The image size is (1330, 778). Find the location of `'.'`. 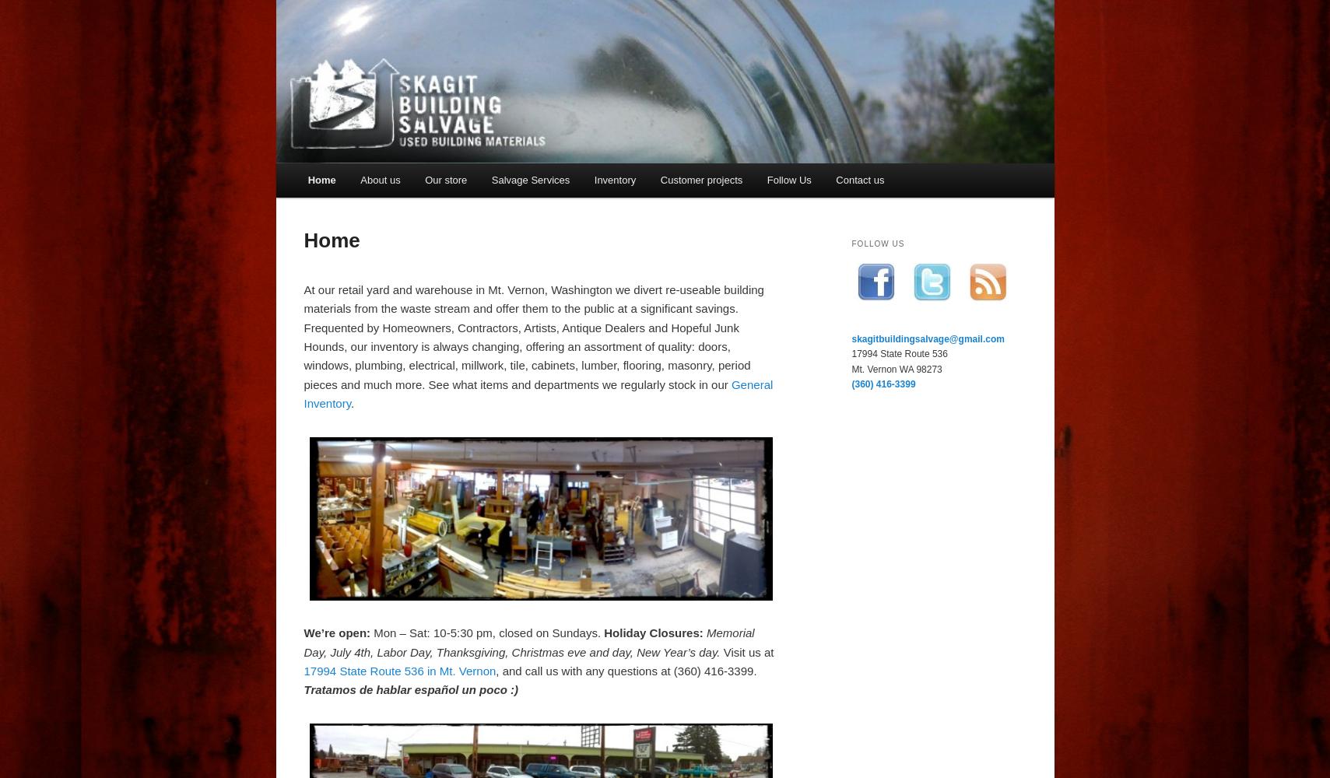

'.' is located at coordinates (352, 403).